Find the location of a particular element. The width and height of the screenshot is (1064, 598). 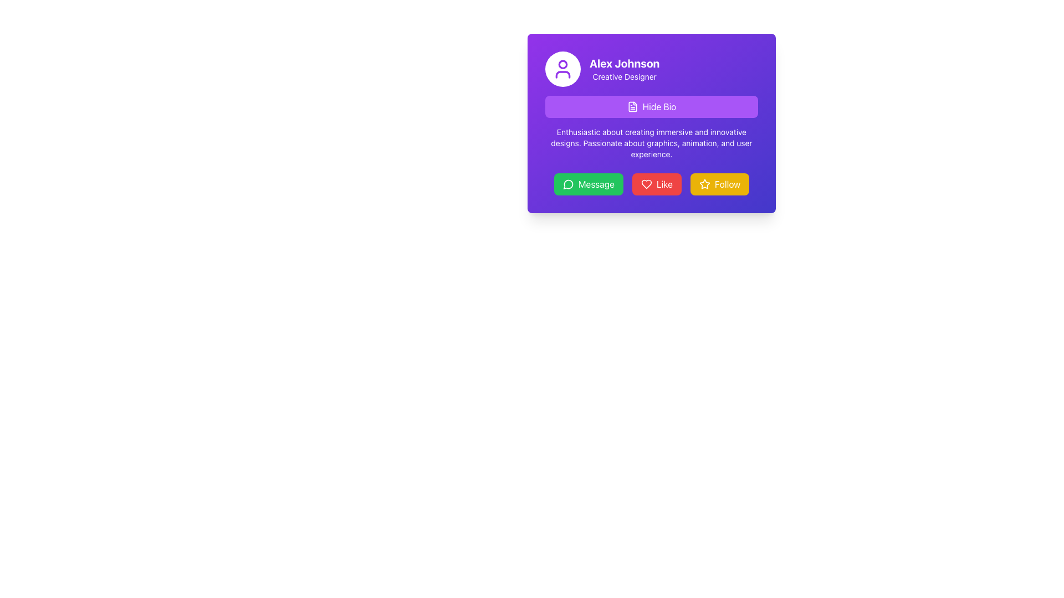

the messaging icon located within the green 'Message' button on the left side of the action buttons at the bottom of the user profile interface is located at coordinates (568, 183).